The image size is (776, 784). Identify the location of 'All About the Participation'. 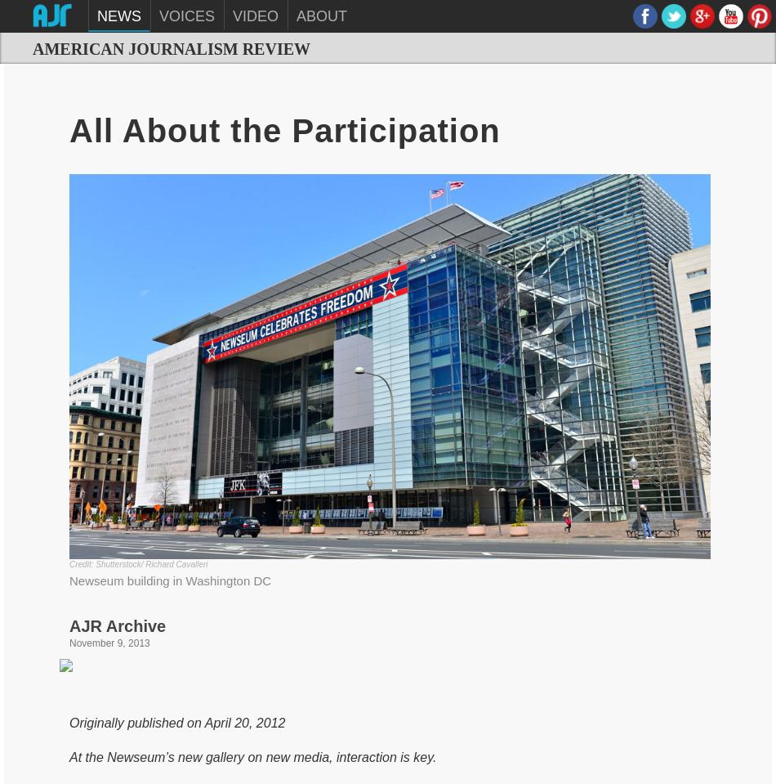
(69, 129).